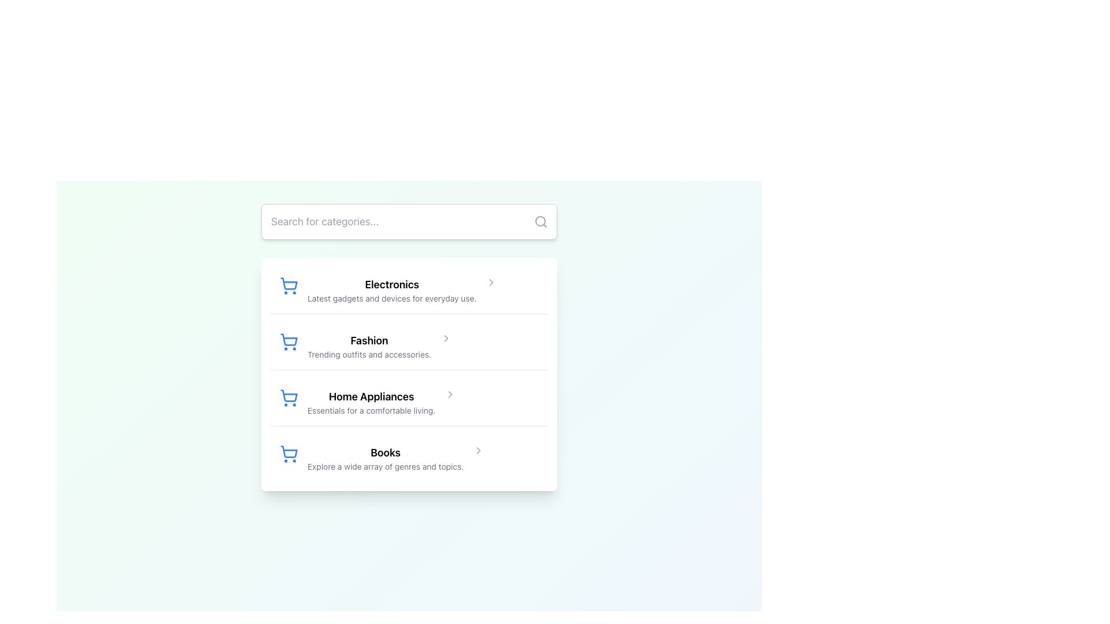  I want to click on the chevron icon located at the far right of the 'Home Appliances' section, so click(450, 393).